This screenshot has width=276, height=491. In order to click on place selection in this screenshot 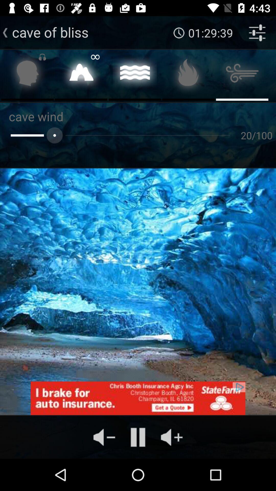, I will do `click(81, 74)`.